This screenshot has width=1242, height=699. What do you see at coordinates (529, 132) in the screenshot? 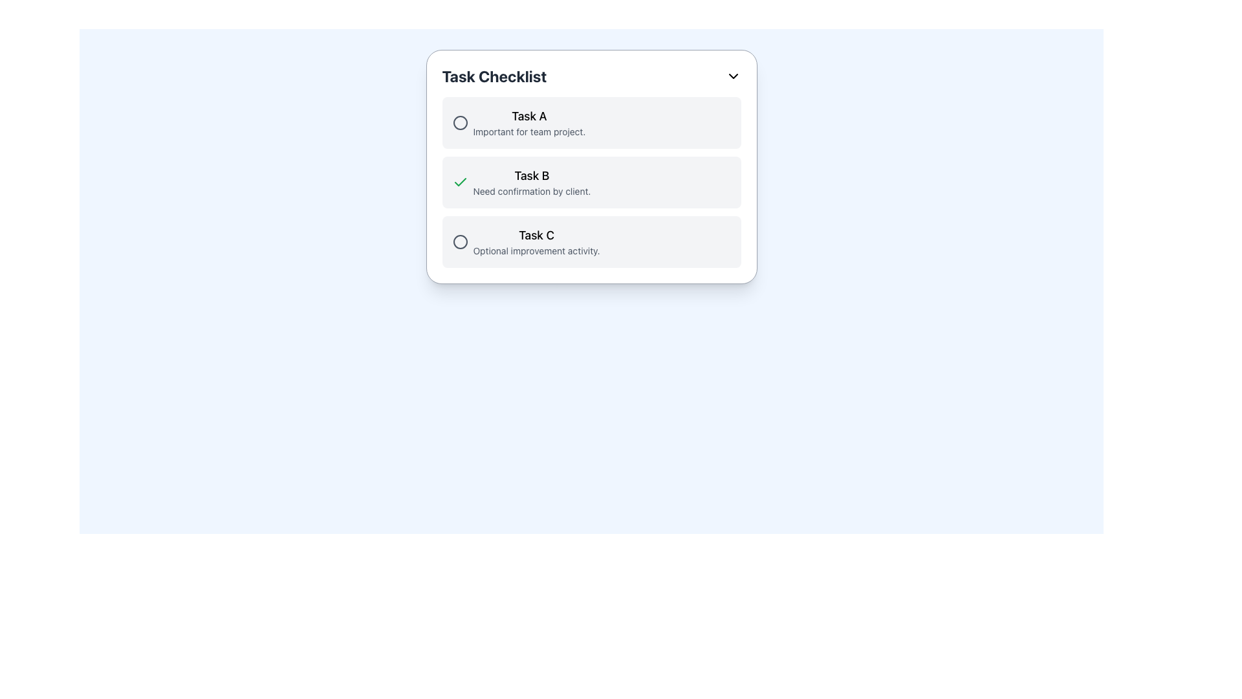
I see `the static text element that provides additional descriptive information about 'Task A', which is positioned directly under the title 'Task A' in the checklist` at bounding box center [529, 132].